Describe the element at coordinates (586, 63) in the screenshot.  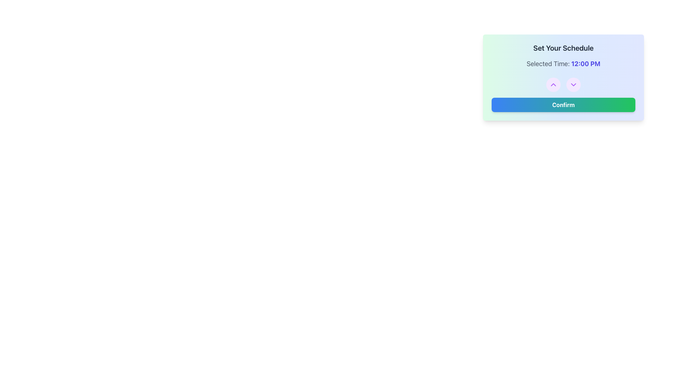
I see `the static text displaying the selected time, which shows '12:00 PM' and is located to the right of the 'Selected Time:' label` at that location.